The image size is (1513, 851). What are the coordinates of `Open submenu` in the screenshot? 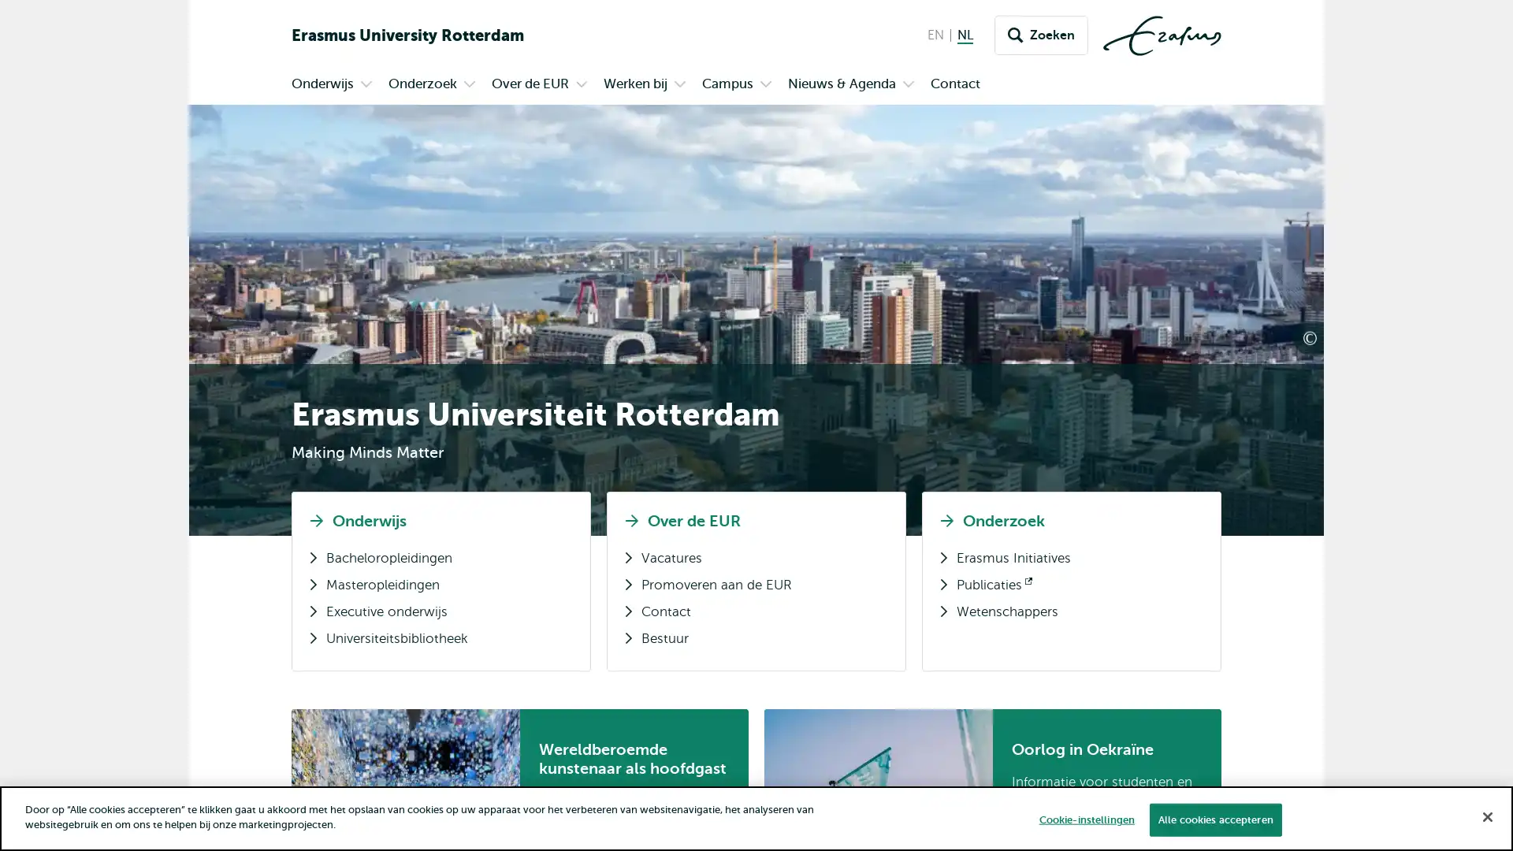 It's located at (765, 85).